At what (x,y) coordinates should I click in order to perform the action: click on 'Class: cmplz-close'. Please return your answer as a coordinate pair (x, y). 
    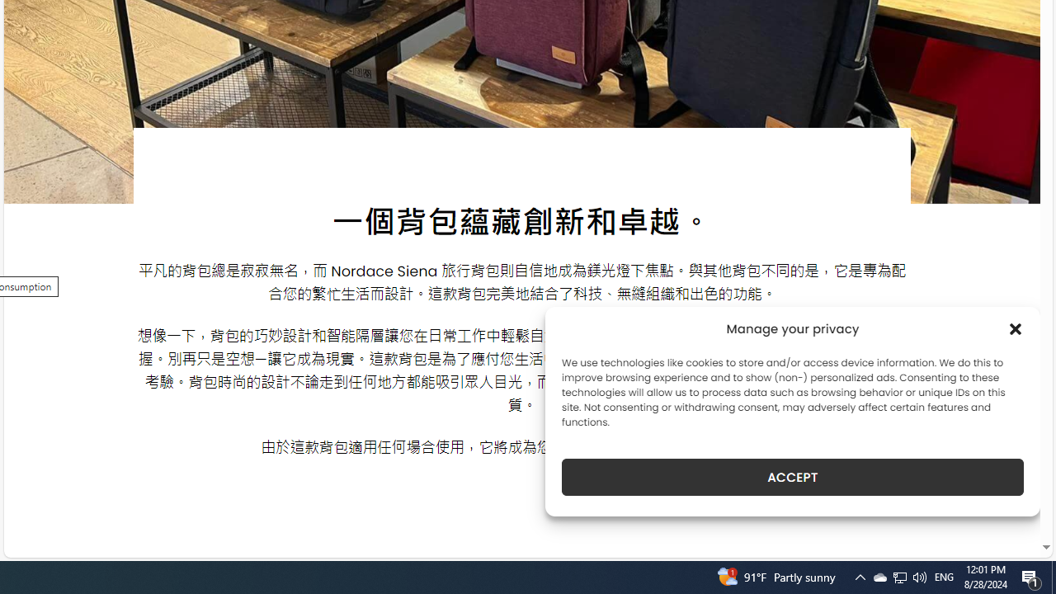
    Looking at the image, I should click on (1015, 328).